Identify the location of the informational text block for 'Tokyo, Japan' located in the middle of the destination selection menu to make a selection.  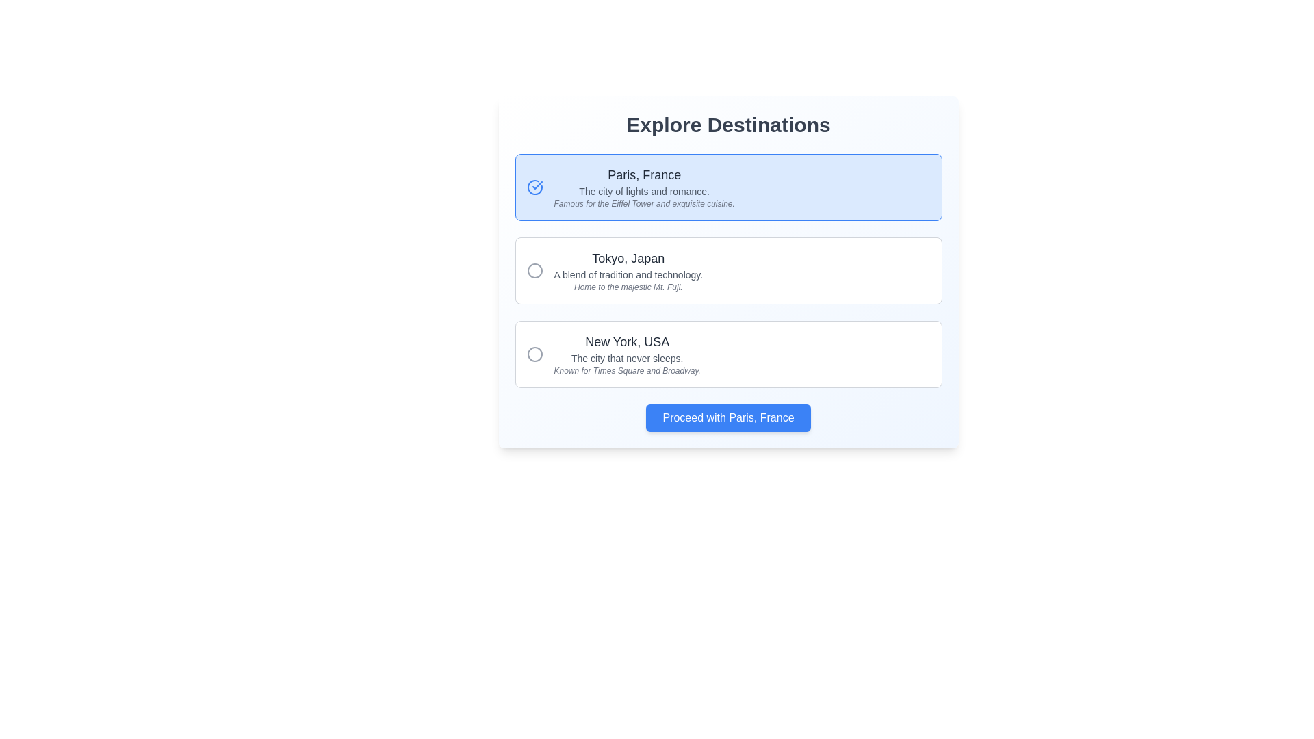
(627, 271).